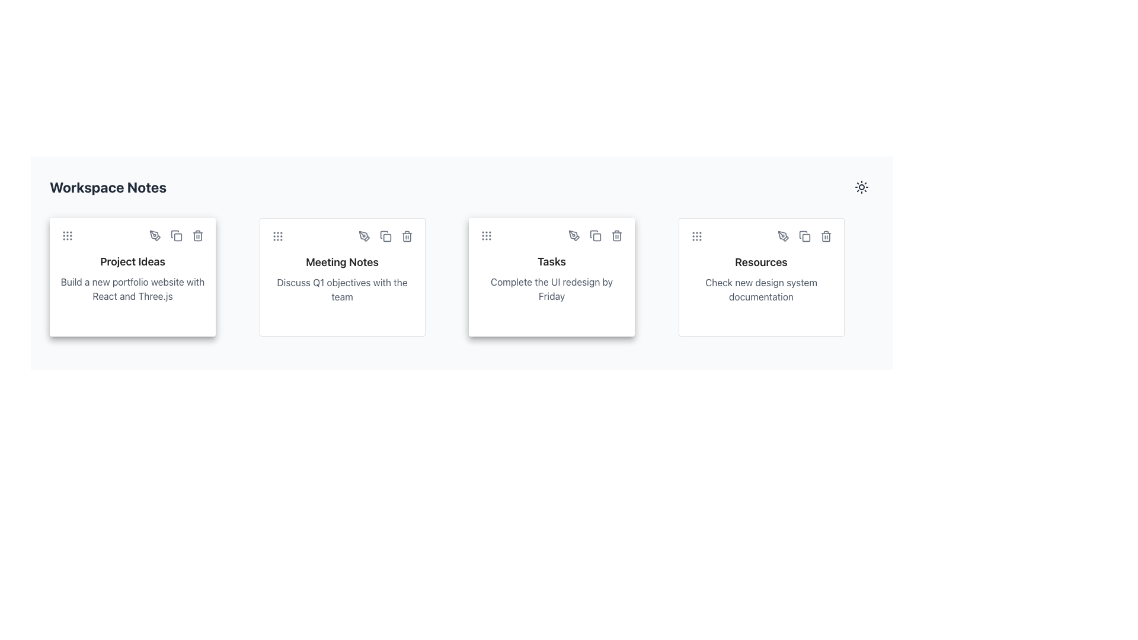  Describe the element at coordinates (486, 235) in the screenshot. I see `the drag handle grip icon located in the top-left corner of the 'Tasks' card in the 'Workspace Notes' section` at that location.